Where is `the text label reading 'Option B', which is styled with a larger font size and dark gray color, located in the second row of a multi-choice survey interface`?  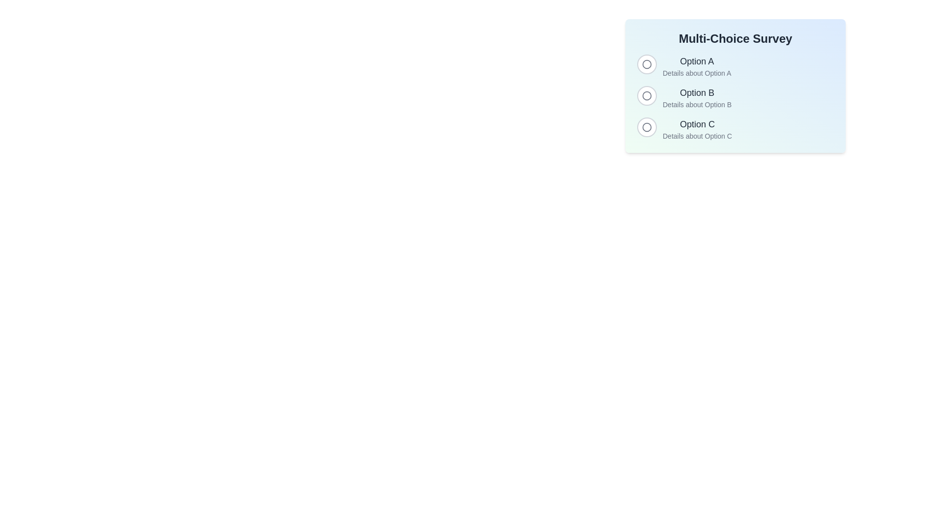
the text label reading 'Option B', which is styled with a larger font size and dark gray color, located in the second row of a multi-choice survey interface is located at coordinates (697, 93).